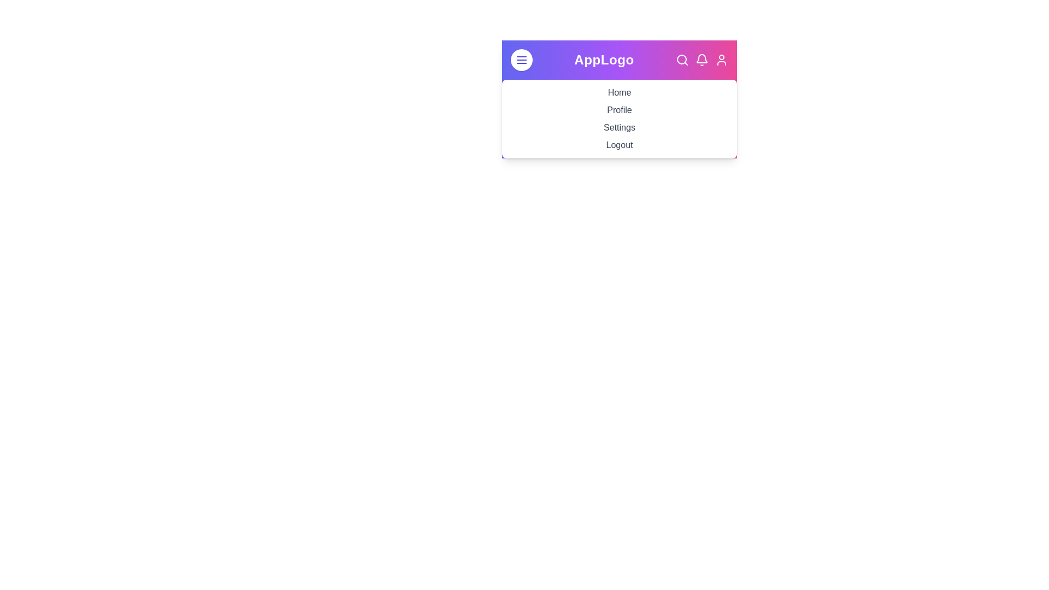 This screenshot has width=1049, height=590. I want to click on the search icon in the navigation bar, so click(681, 60).